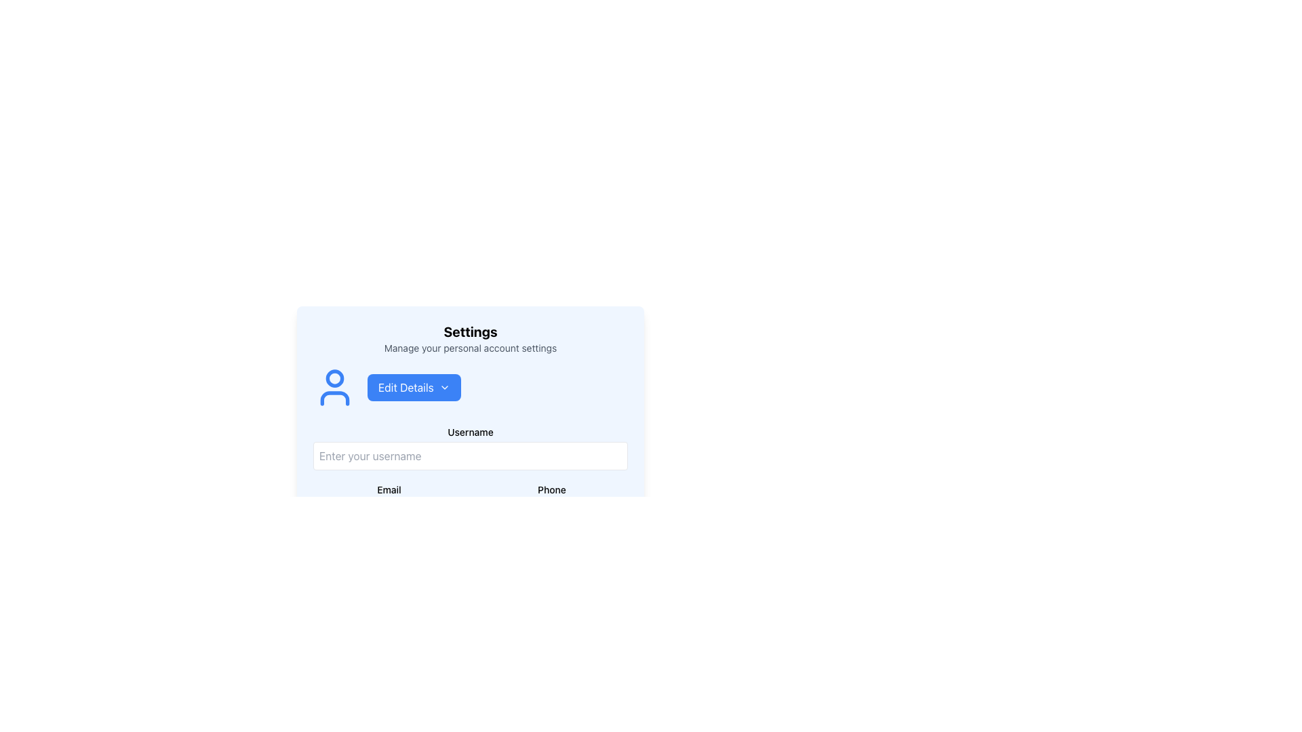 This screenshot has width=1302, height=732. What do you see at coordinates (471, 347) in the screenshot?
I see `the text element displaying 'Manage your personal account settings', which is located directly beneath the bold 'Settings' title text` at bounding box center [471, 347].